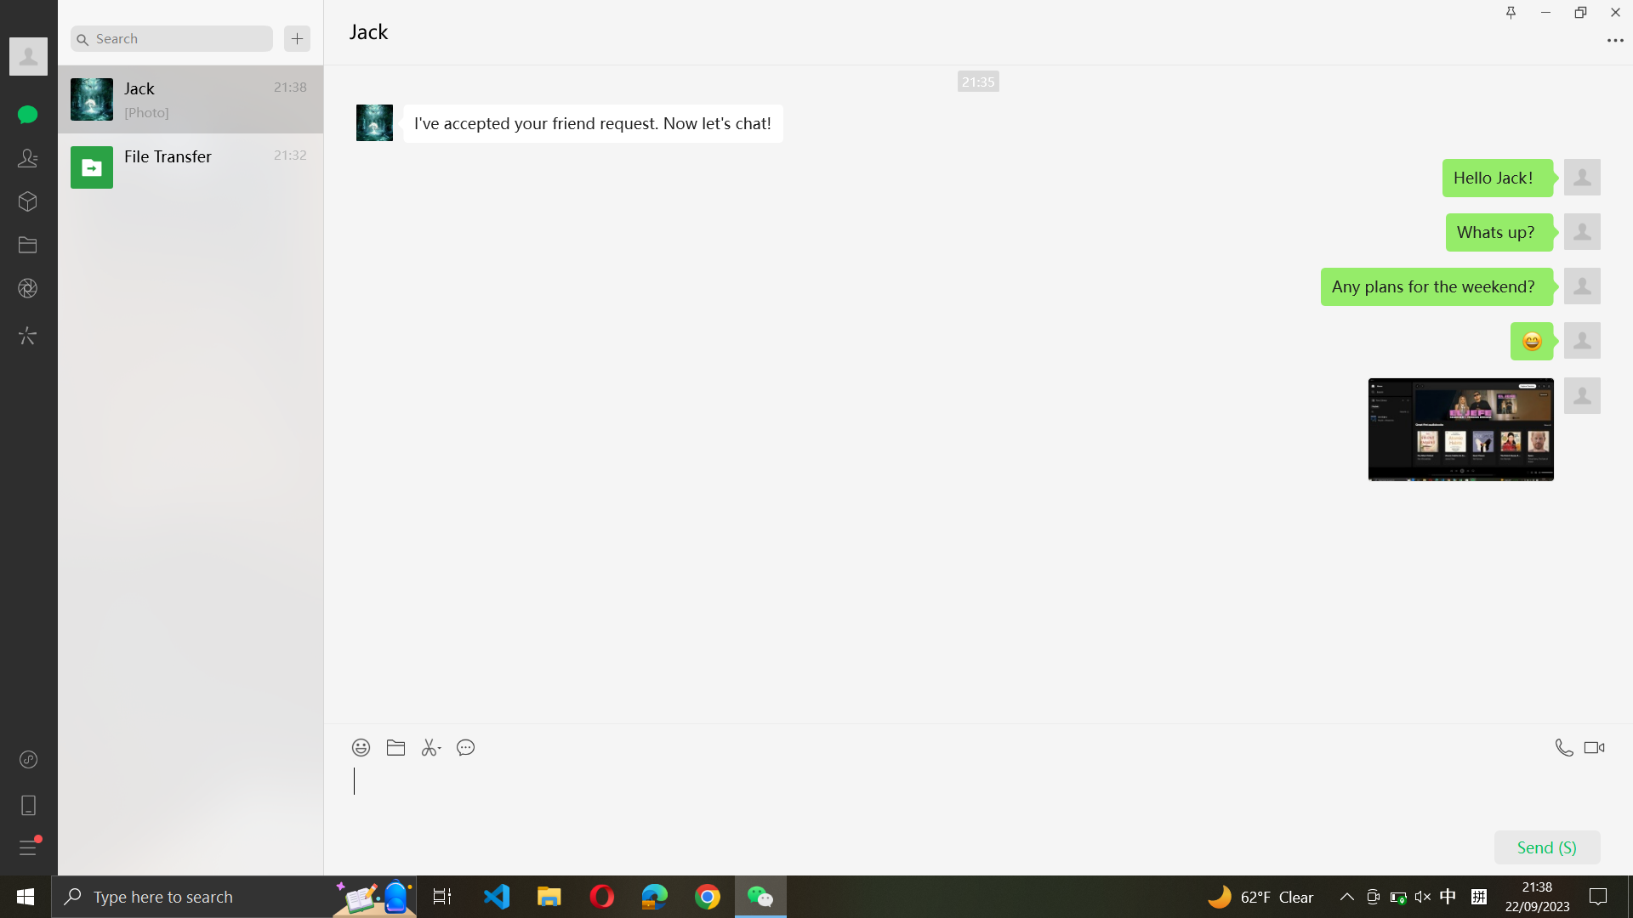  Describe the element at coordinates (29, 289) in the screenshot. I see `Turn on the camera setting` at that location.